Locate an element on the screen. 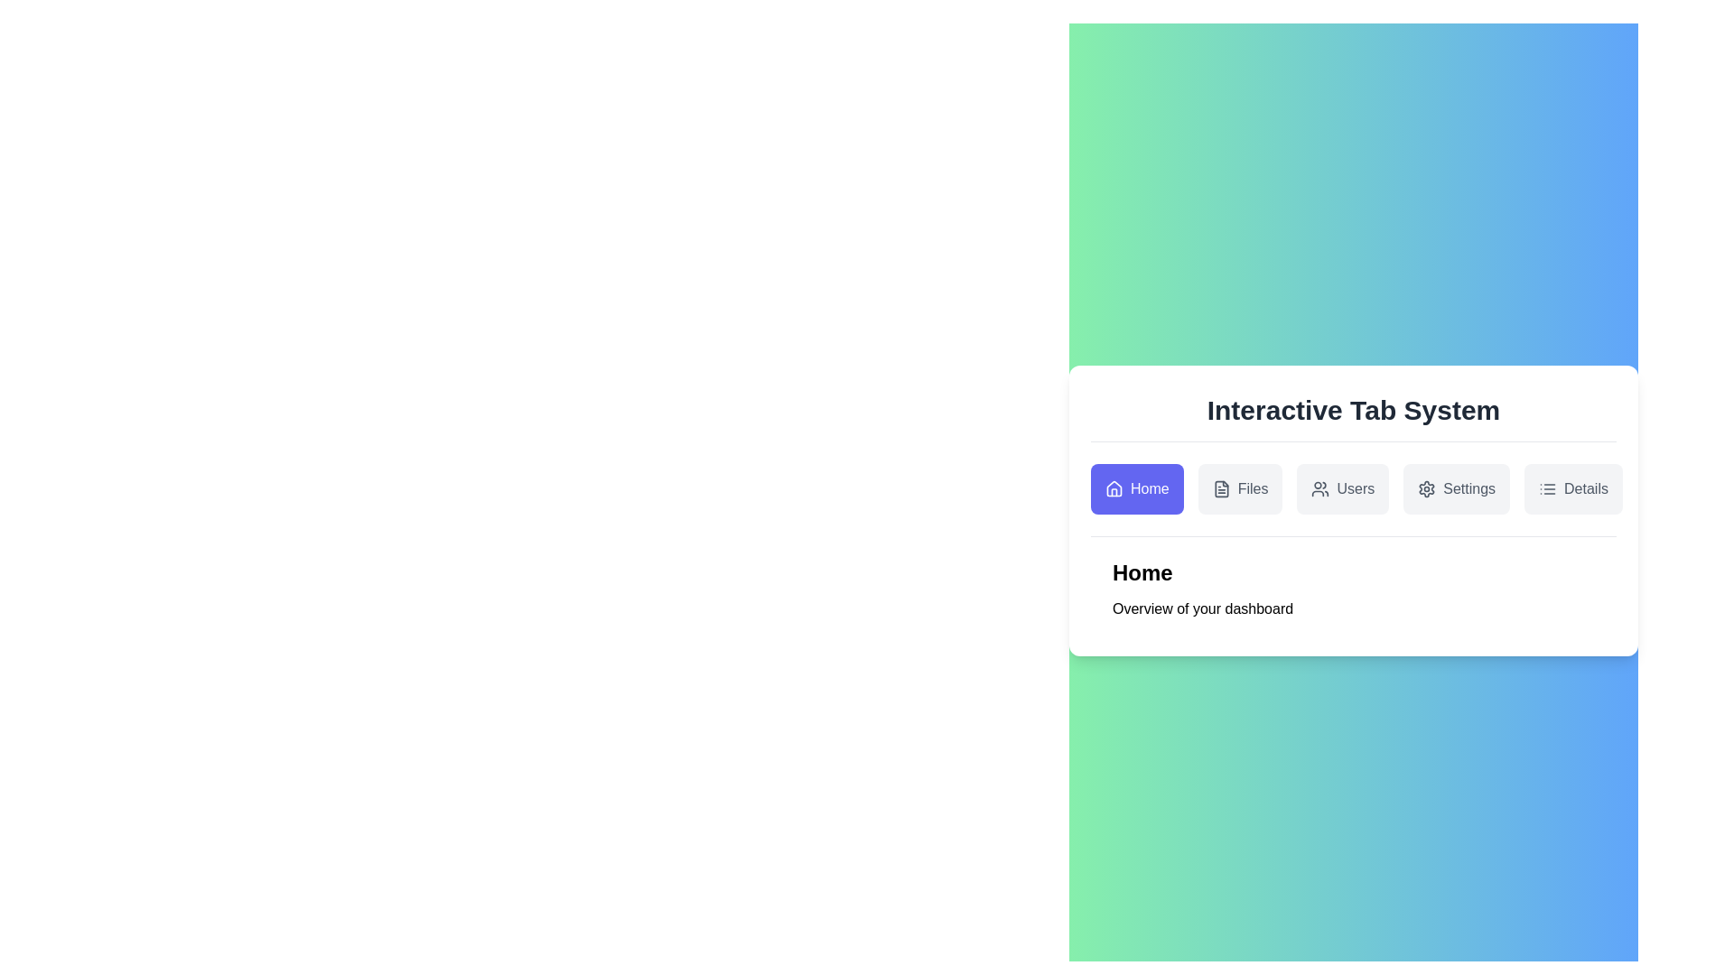  text label that states 'Overview of your dashboard', which is located beneath the 'Home' heading in the bottom section of the vertical layout is located at coordinates (1203, 609).